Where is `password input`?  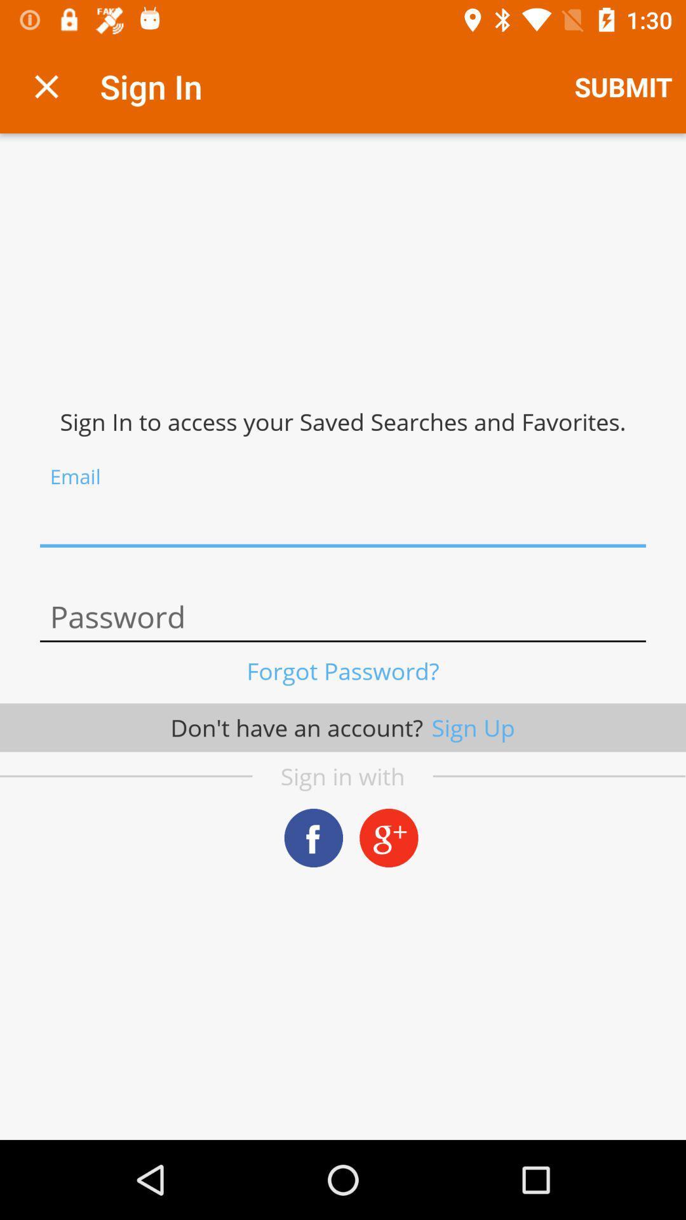 password input is located at coordinates (343, 617).